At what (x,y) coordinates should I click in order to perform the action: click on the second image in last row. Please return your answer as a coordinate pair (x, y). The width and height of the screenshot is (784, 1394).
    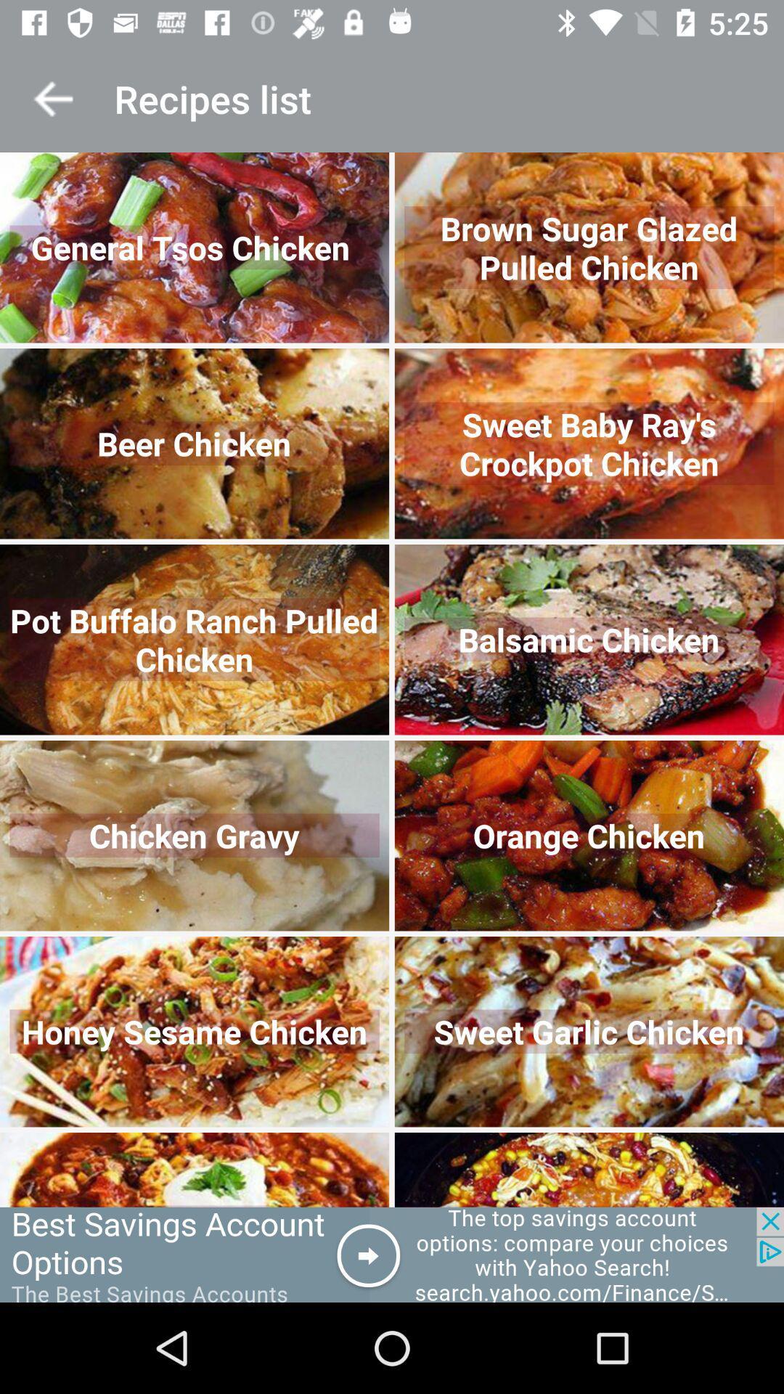
    Looking at the image, I should click on (589, 1170).